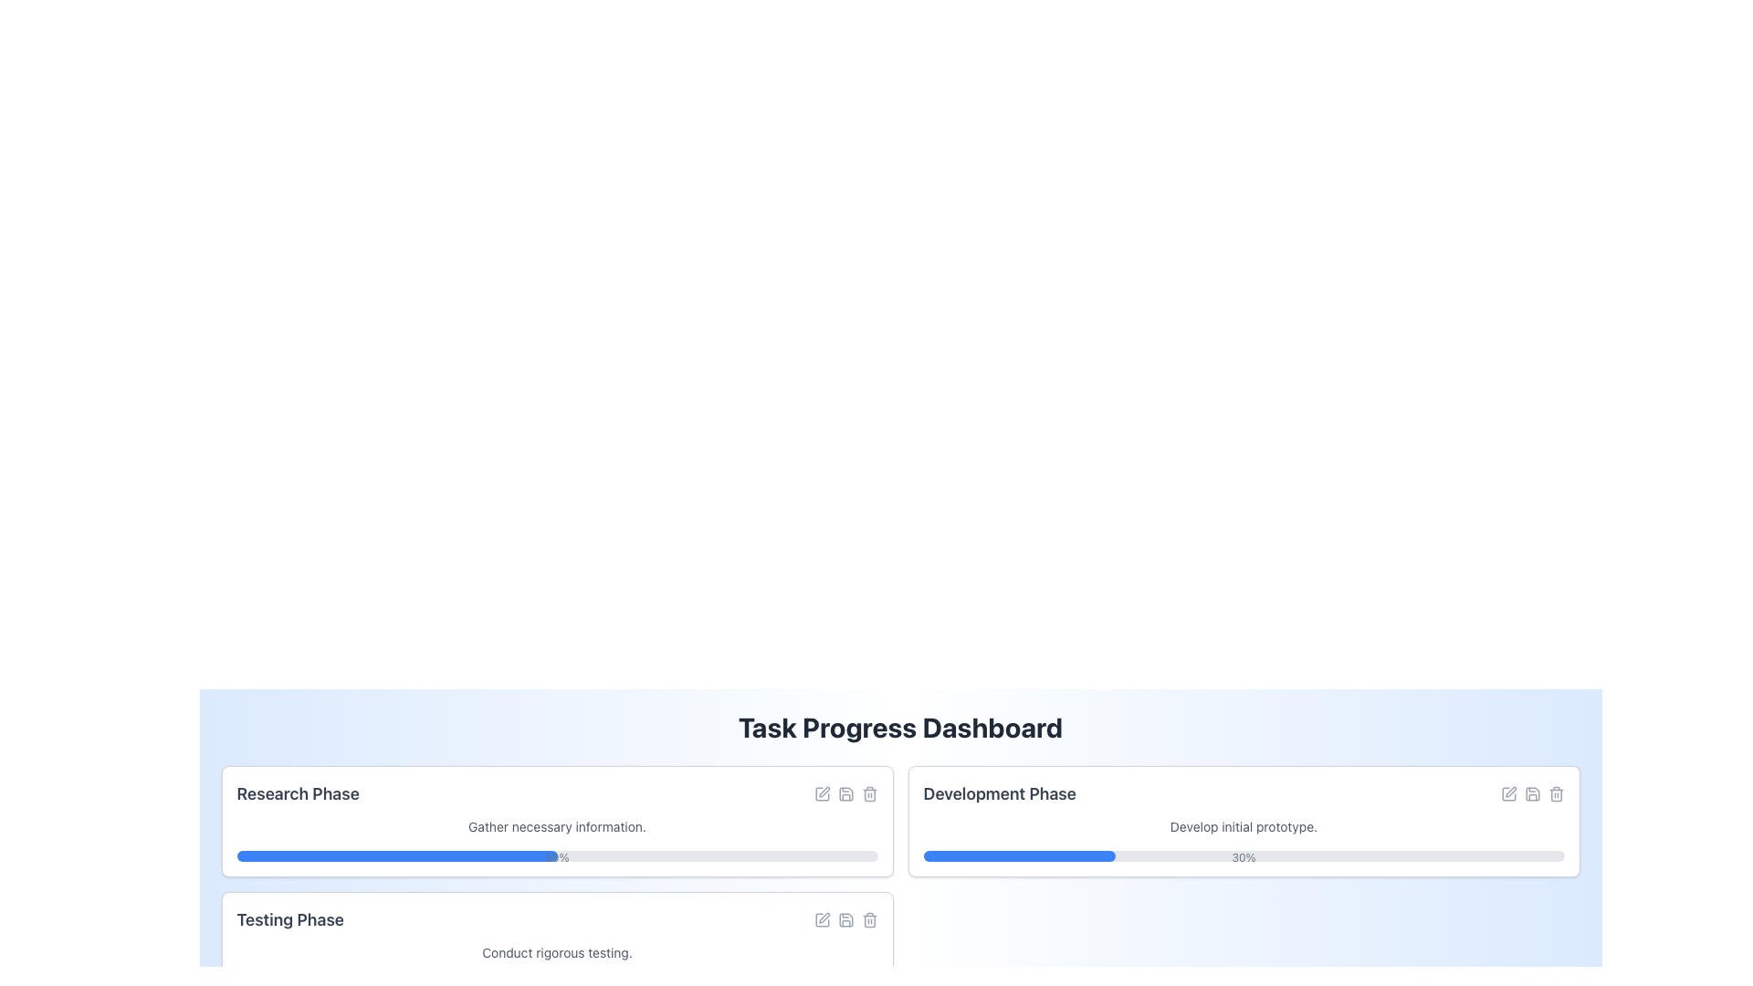 Image resolution: width=1753 pixels, height=986 pixels. I want to click on the static text element that reads 'Gather necessary information.' which is located within the 'Research Phase' card section, so click(556, 827).